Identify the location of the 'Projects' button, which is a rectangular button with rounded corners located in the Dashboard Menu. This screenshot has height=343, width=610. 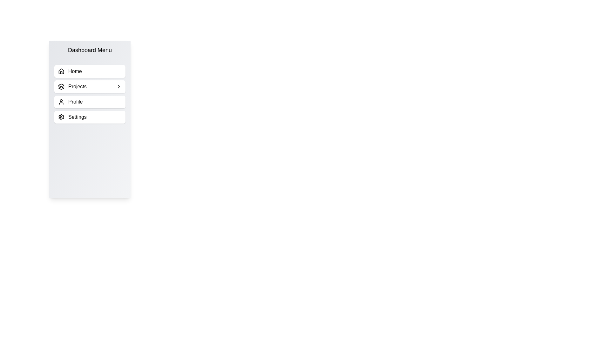
(90, 87).